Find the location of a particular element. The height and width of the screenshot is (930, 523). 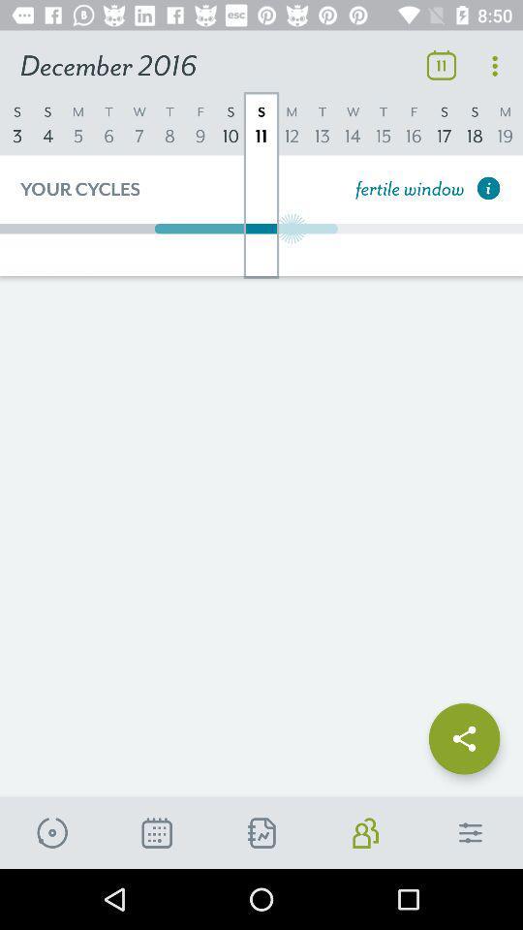

settings option is located at coordinates (470, 832).